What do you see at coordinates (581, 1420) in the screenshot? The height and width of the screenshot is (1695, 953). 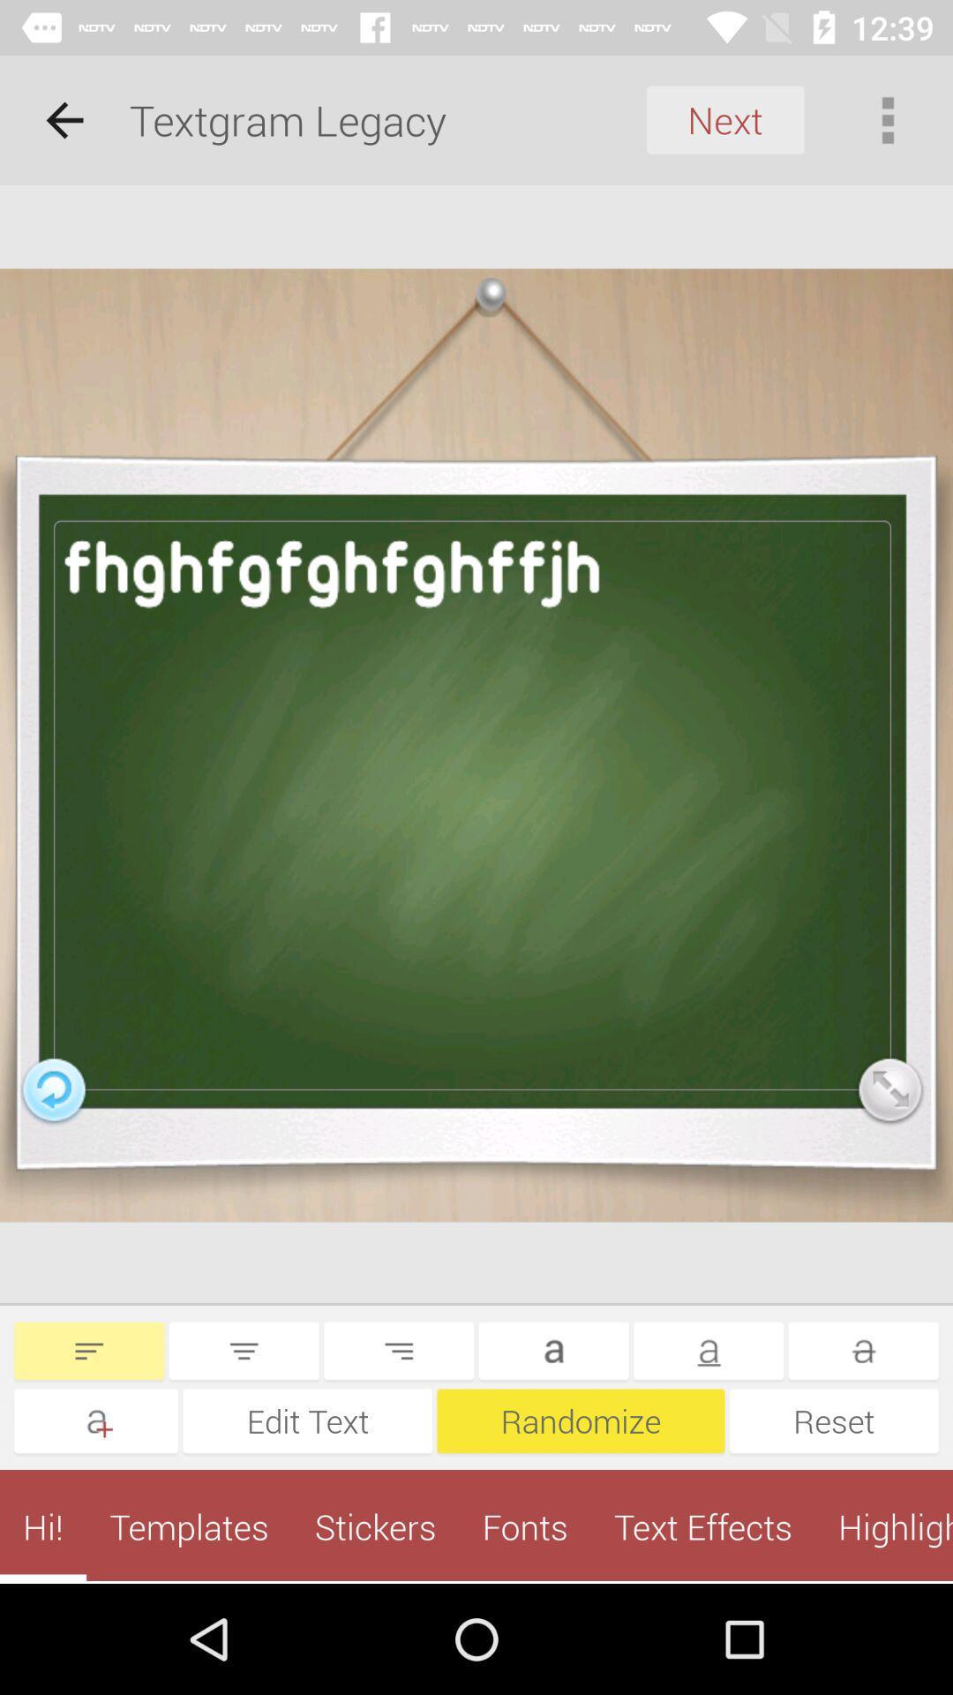 I see `icon to the left of reset` at bounding box center [581, 1420].